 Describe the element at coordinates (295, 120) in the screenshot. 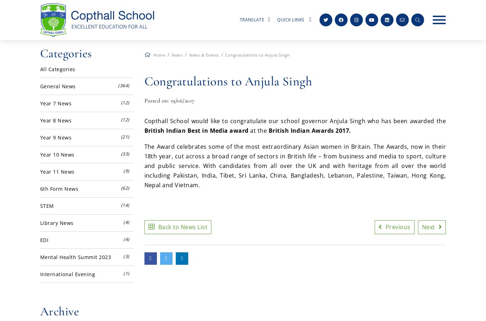

I see `'Copthall School would like to congratulate our school governor Anjula Singh who has been awarded the'` at that location.